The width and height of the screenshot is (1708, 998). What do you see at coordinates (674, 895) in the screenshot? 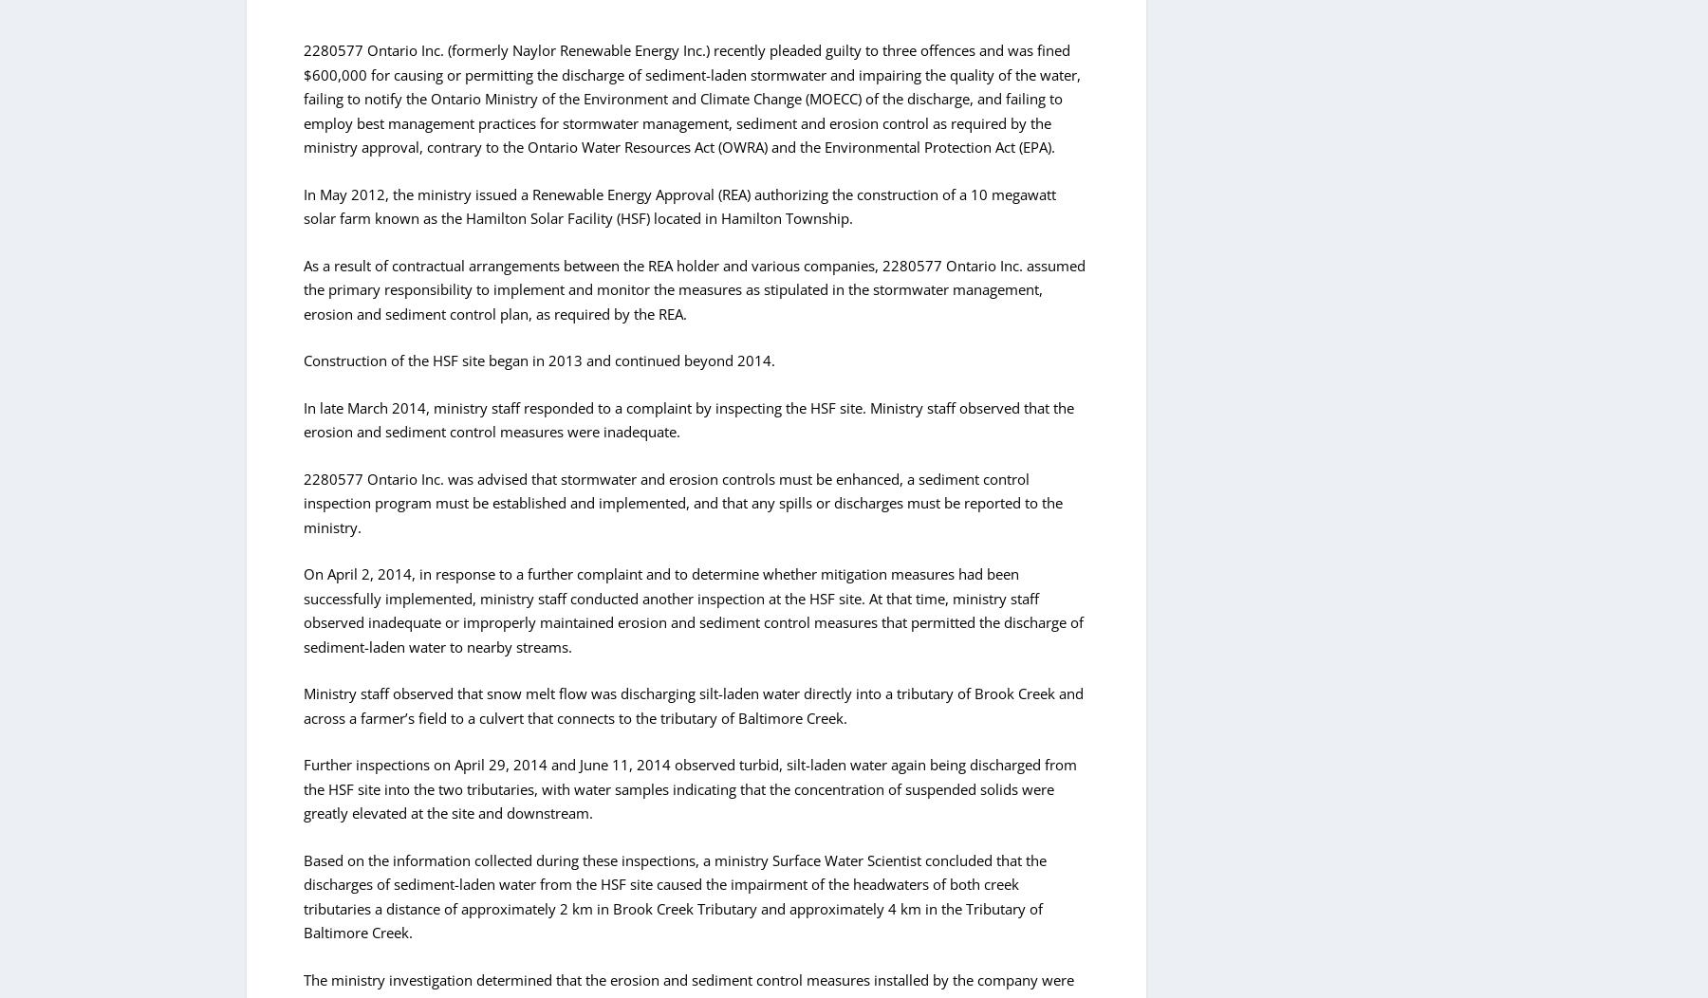
I see `'Based on the information collected during these inspections, a ministry Surface Water Scientist concluded that the discharges of sediment-laden water from the HSF site caused the impairment of the headwaters of both creek tributaries a distance of approximately 2 km in Brook Creek Tributary and approximately 4 km in the Tributary of Baltimore Creek.'` at bounding box center [674, 895].